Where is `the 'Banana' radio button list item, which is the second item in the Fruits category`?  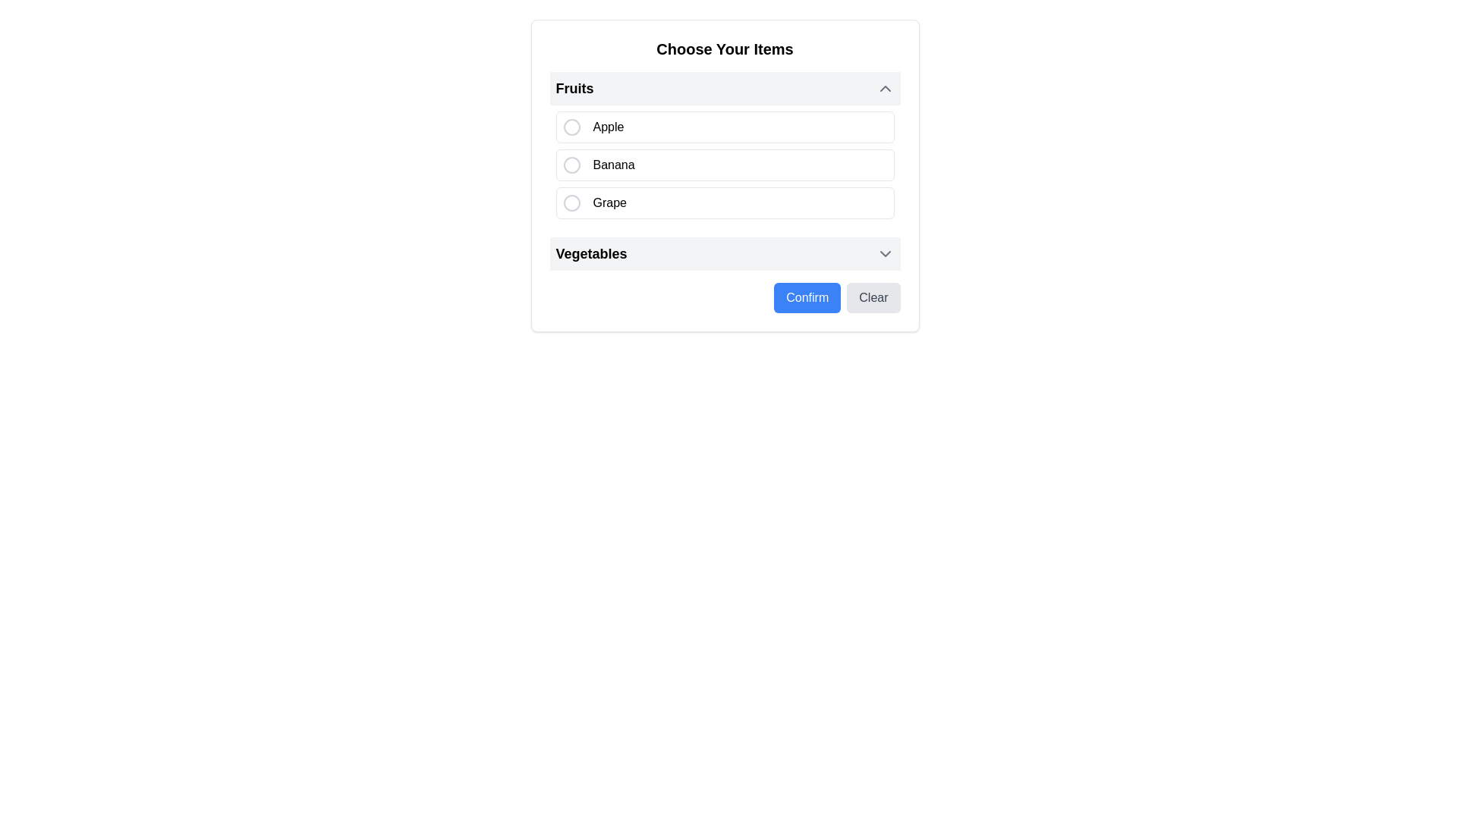 the 'Banana' radio button list item, which is the second item in the Fruits category is located at coordinates (724, 165).